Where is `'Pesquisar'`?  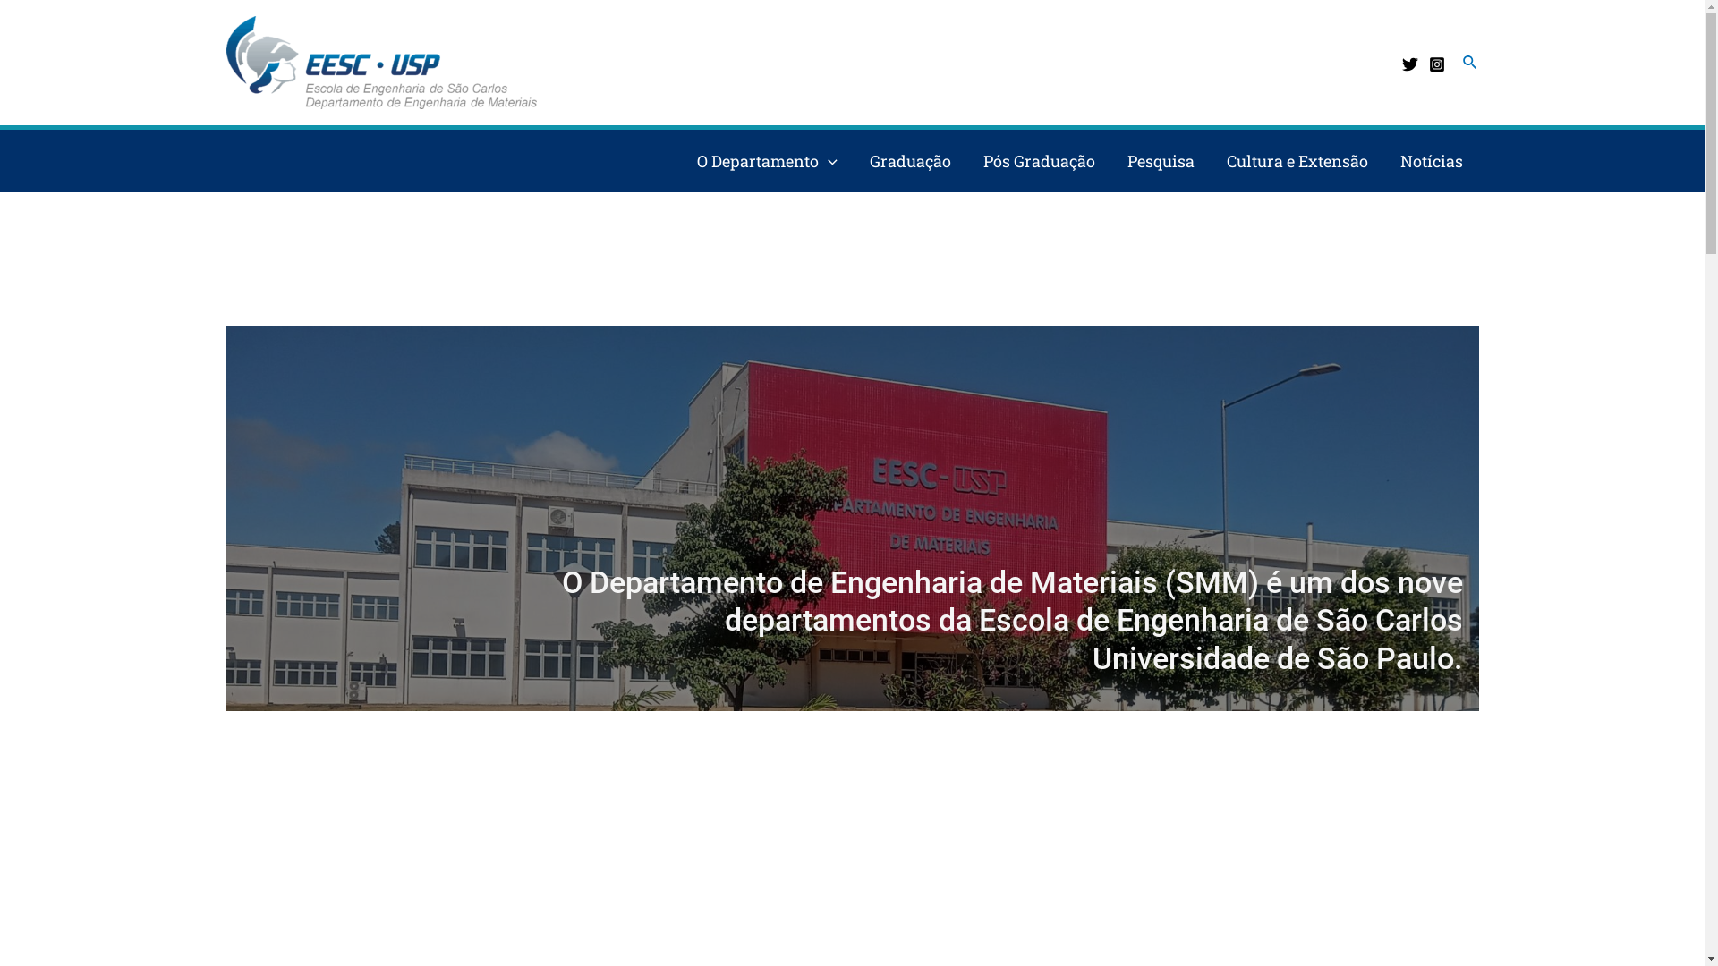 'Pesquisar' is located at coordinates (1470, 62).